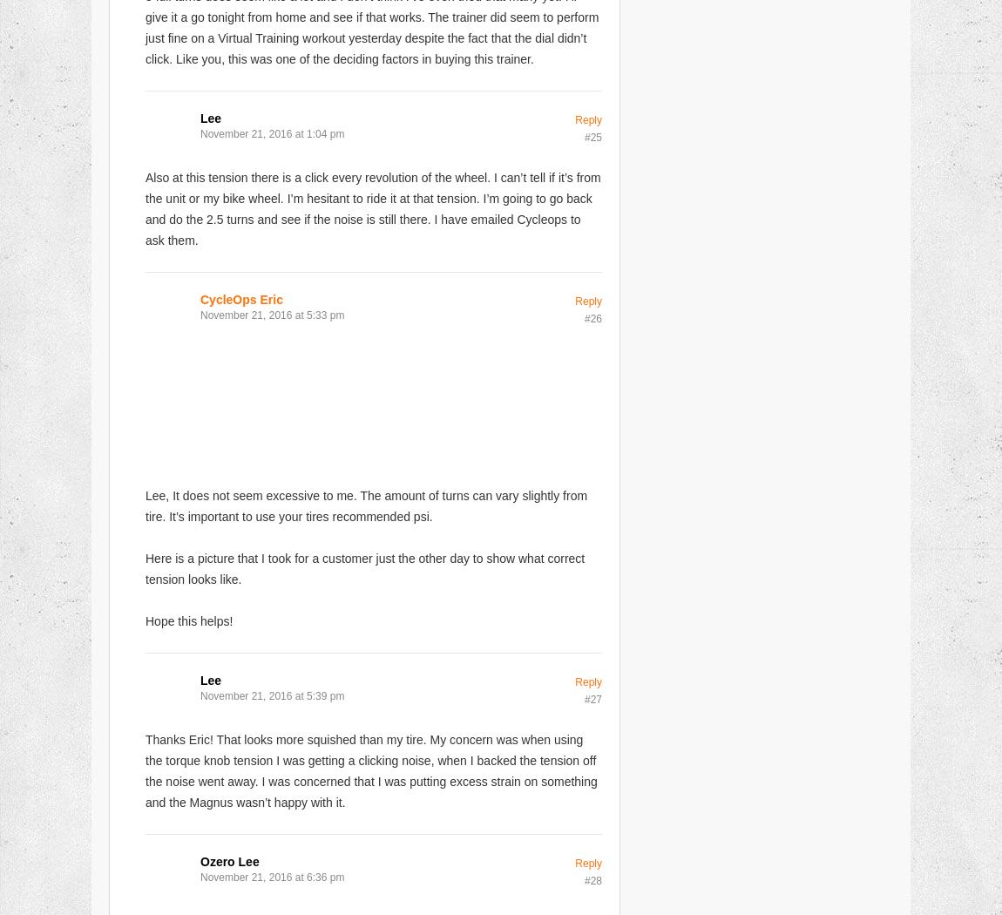 This screenshot has width=1002, height=915. I want to click on 'Hope this helps!', so click(188, 620).